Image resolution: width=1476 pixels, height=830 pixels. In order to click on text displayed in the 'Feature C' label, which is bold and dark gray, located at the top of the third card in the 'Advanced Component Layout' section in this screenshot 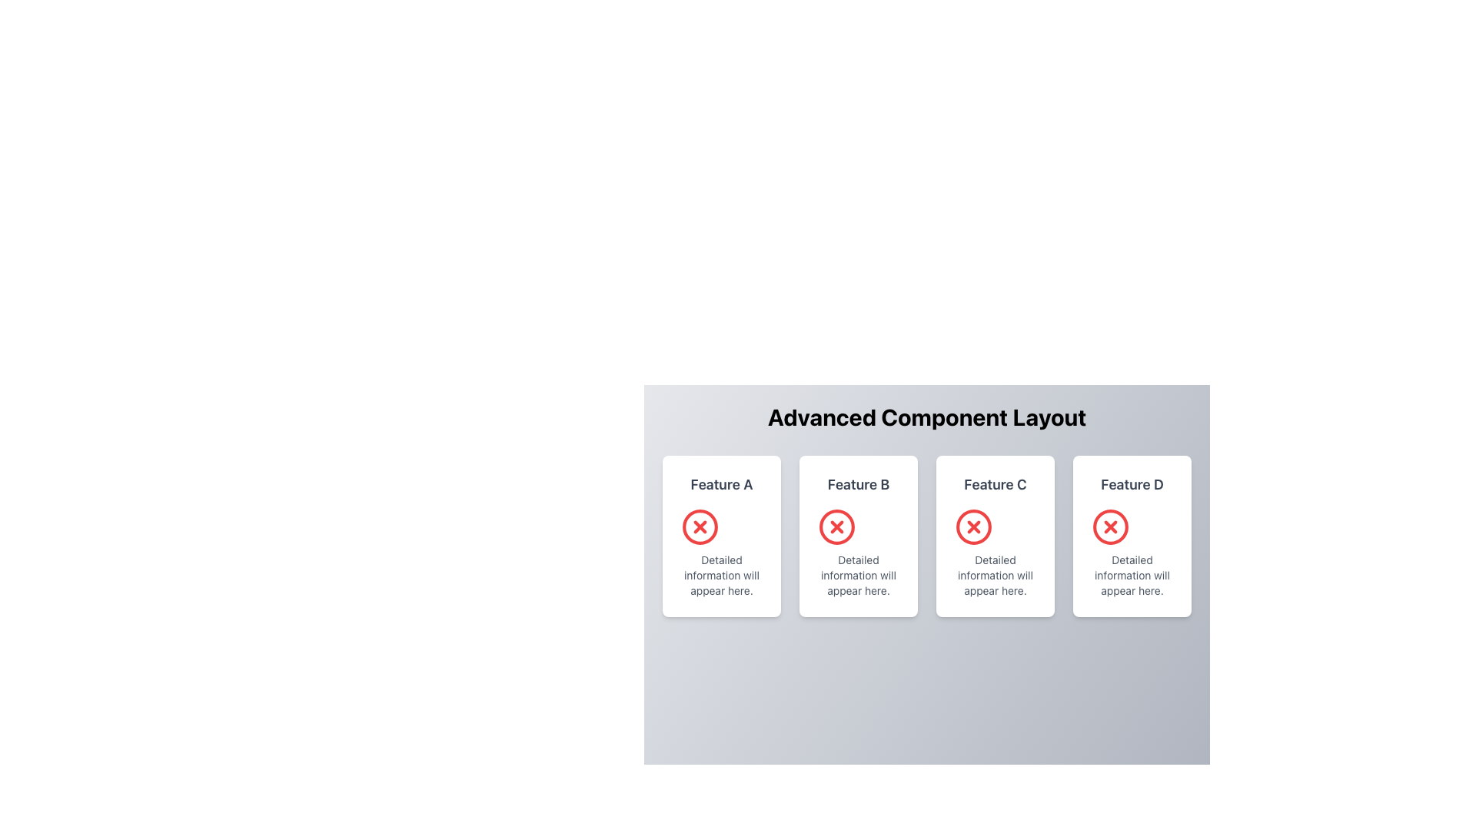, I will do `click(996, 483)`.